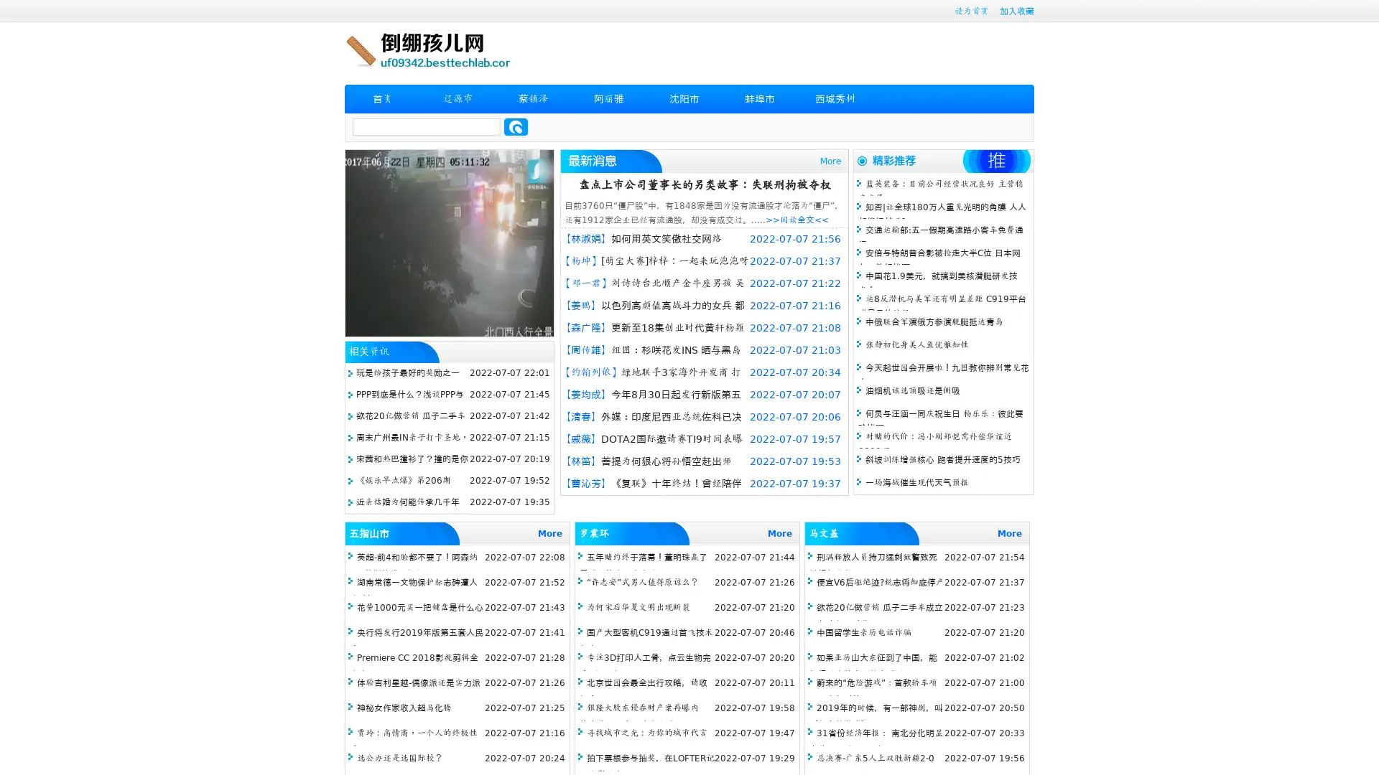  Describe the element at coordinates (516, 126) in the screenshot. I see `Search` at that location.